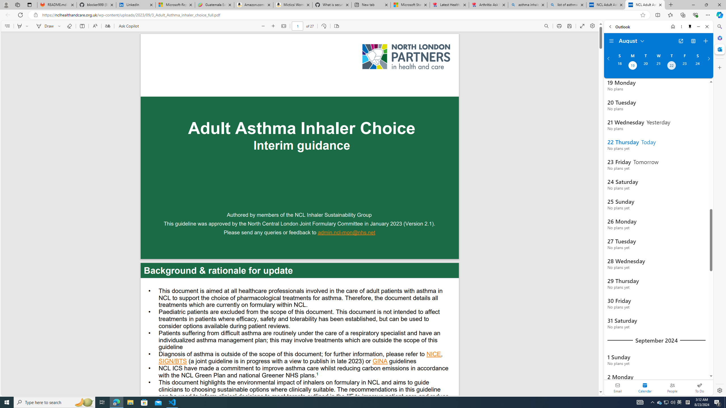 This screenshot has width=726, height=408. I want to click on 'Monday, August 19, 2024. Date selected. ', so click(632, 66).